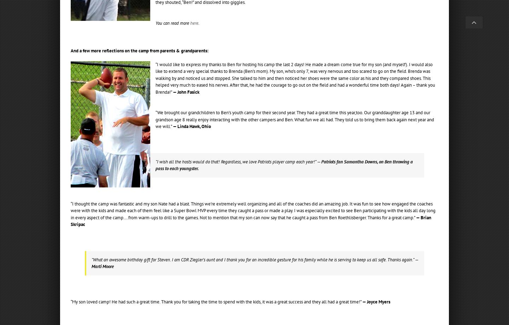  What do you see at coordinates (91, 263) in the screenshot?
I see `'— Marti Moore'` at bounding box center [91, 263].